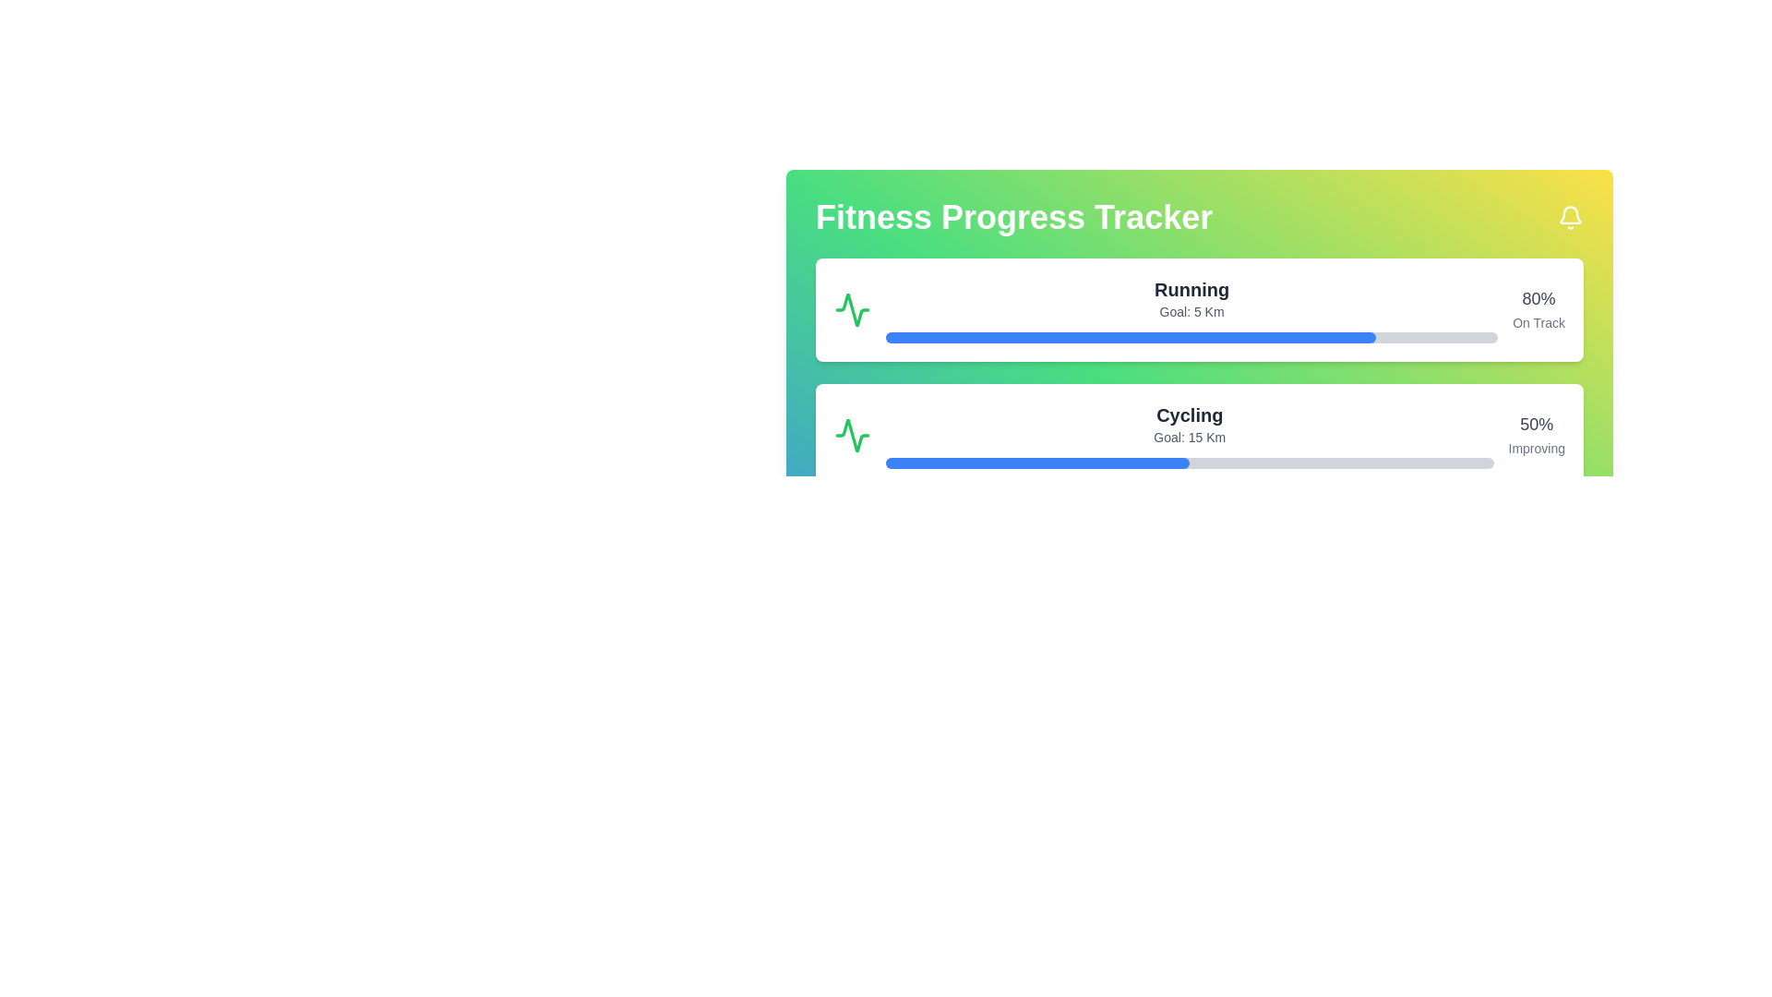 Image resolution: width=1772 pixels, height=997 pixels. What do you see at coordinates (1570, 216) in the screenshot?
I see `the white SVG bell icon located in the top-right corner of the header, adjacent to the 'Fitness Progress Tracker' title` at bounding box center [1570, 216].